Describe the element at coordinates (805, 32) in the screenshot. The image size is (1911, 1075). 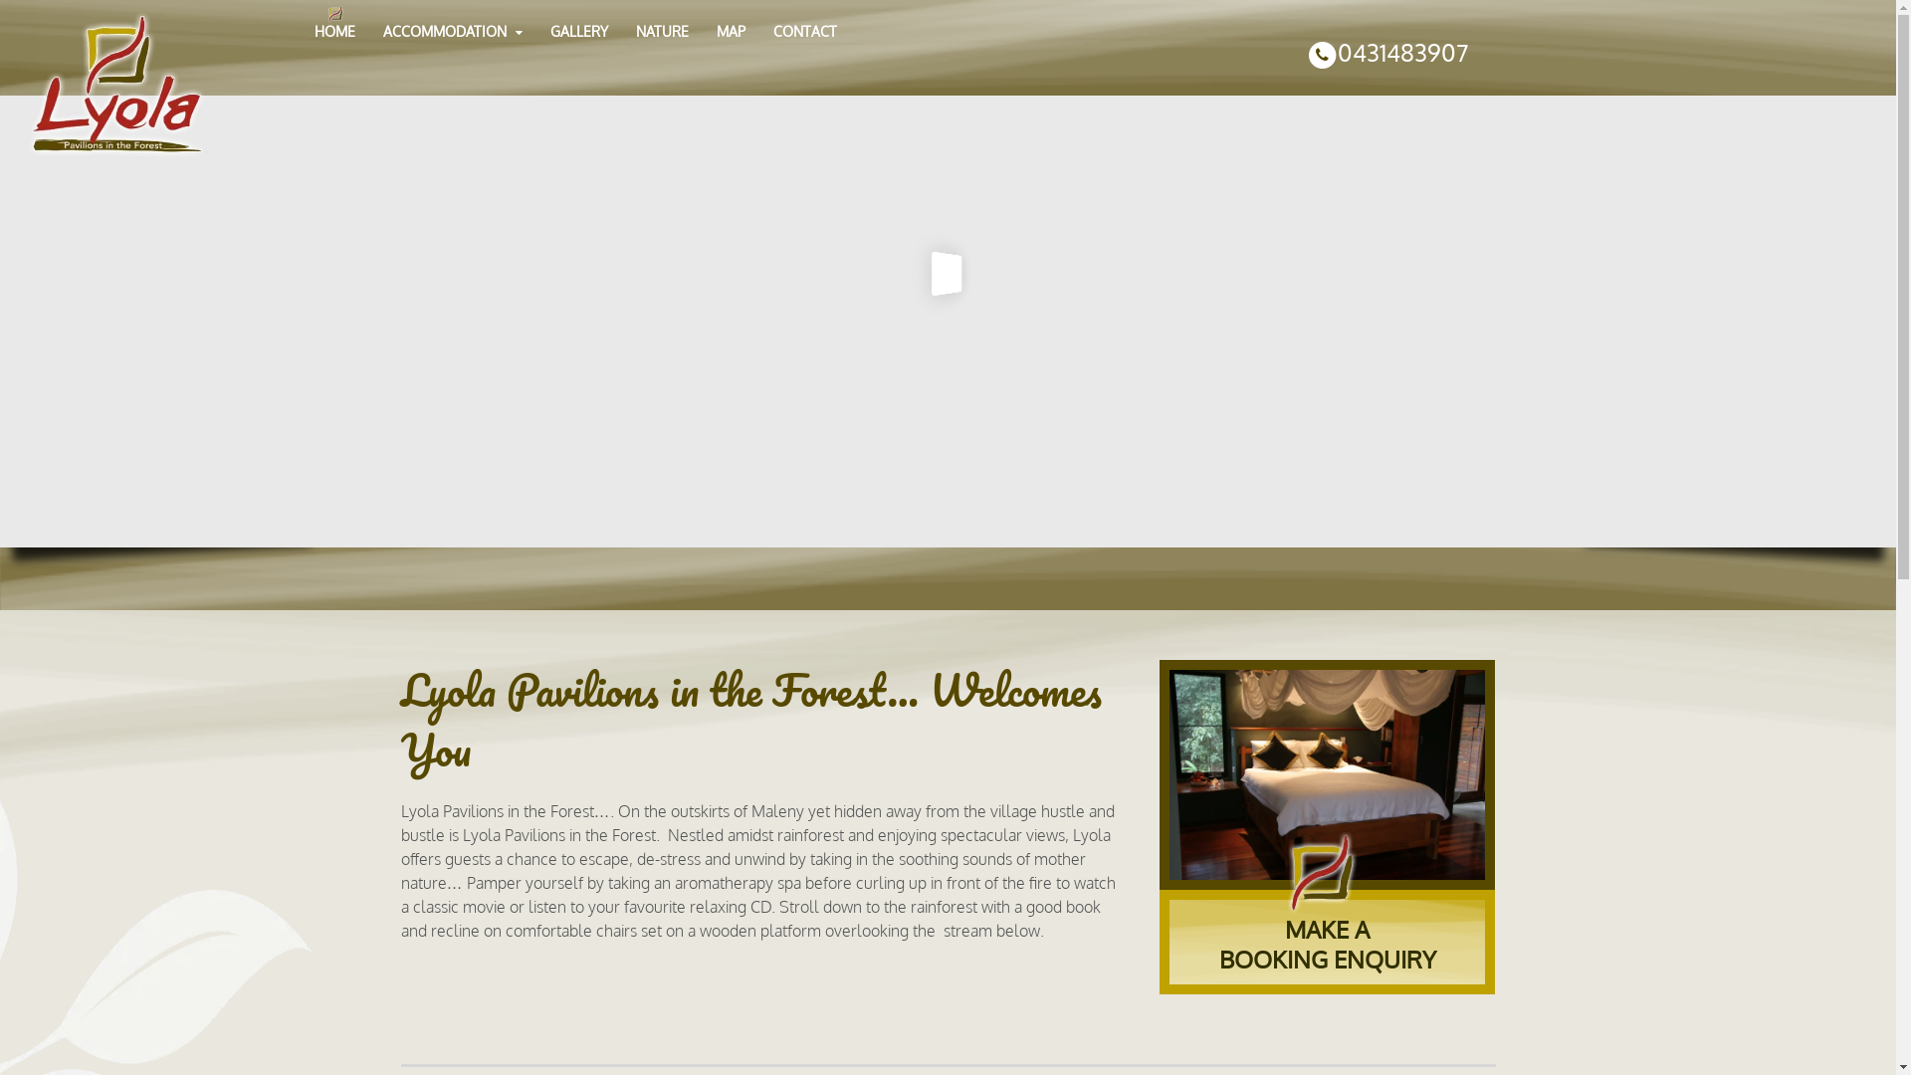
I see `'CONTACT'` at that location.